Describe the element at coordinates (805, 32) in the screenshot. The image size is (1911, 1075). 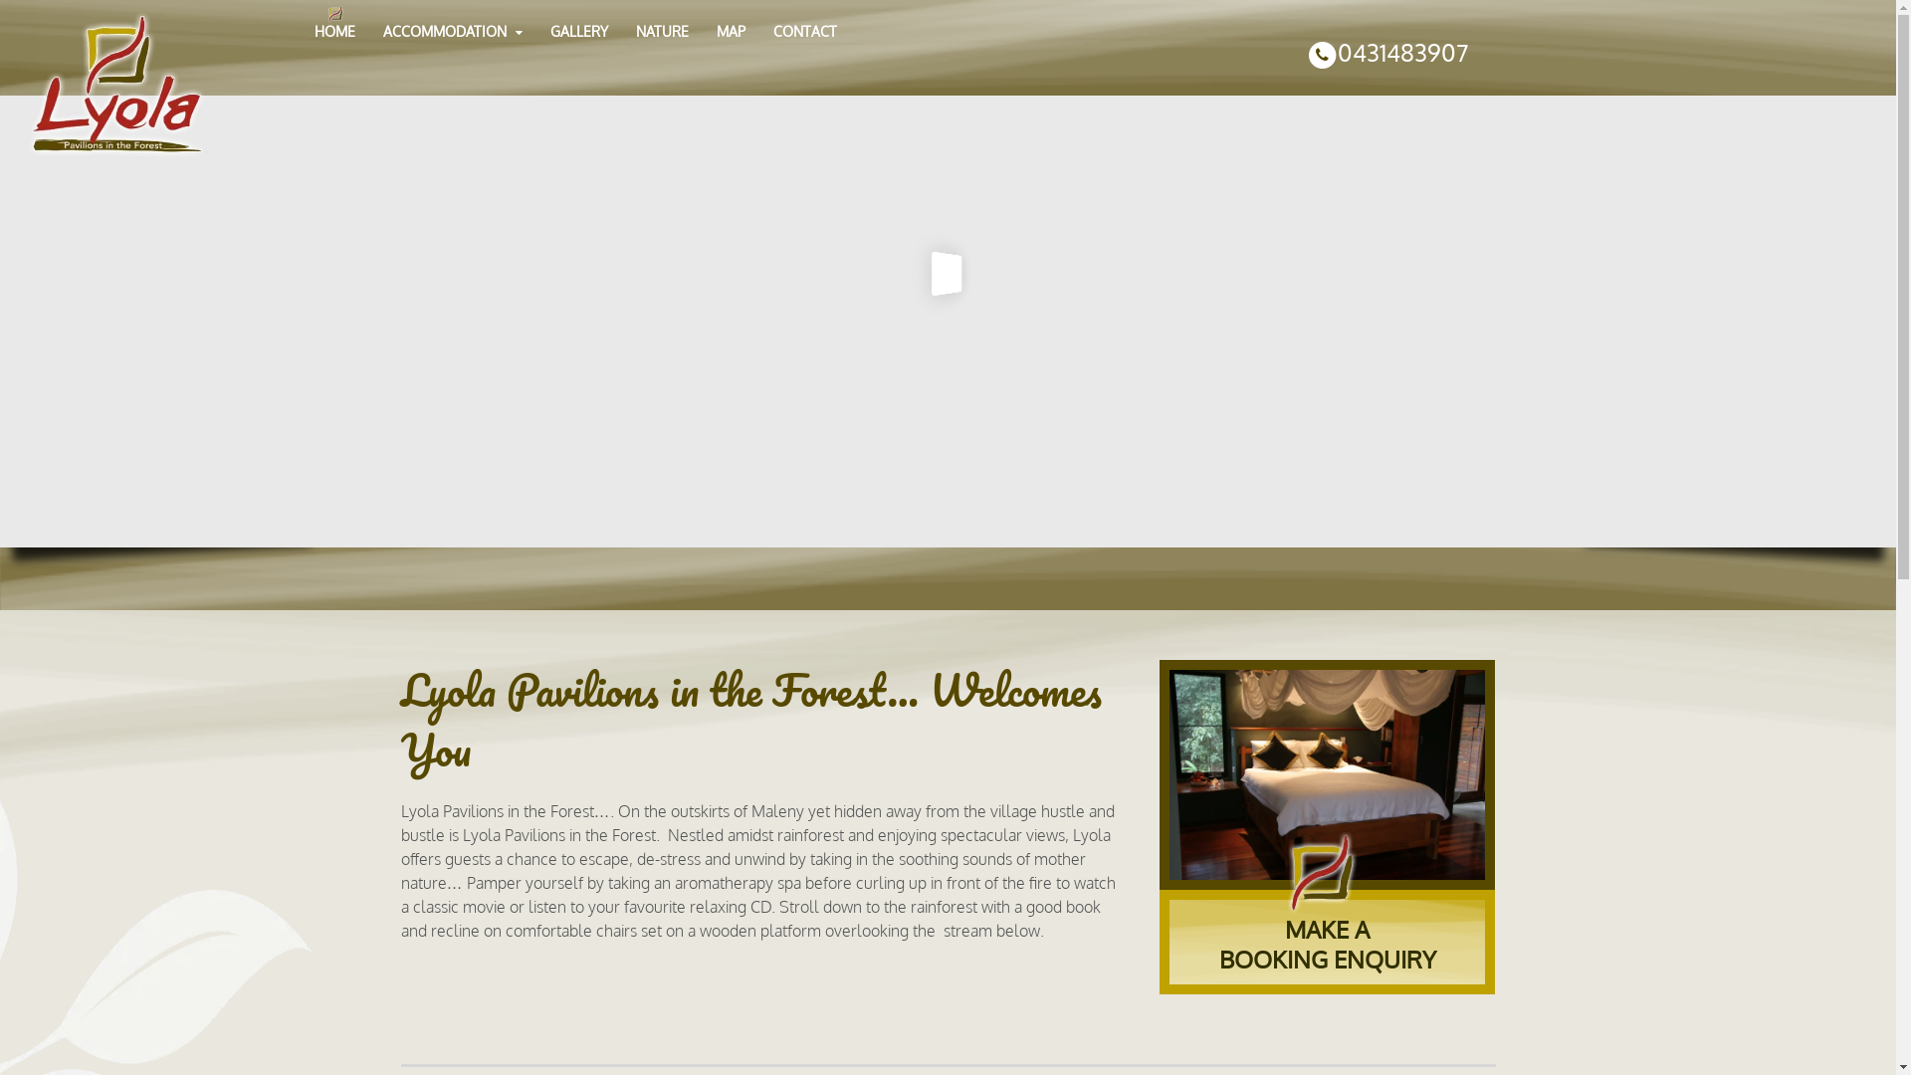
I see `'CONTACT'` at that location.